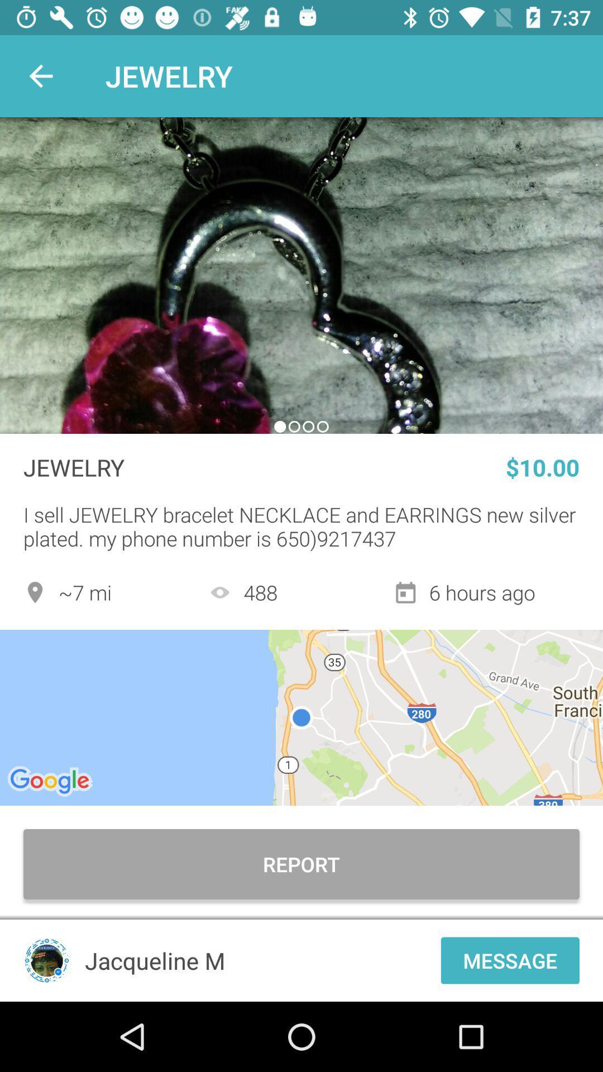  What do you see at coordinates (510, 960) in the screenshot?
I see `the icon next to the jacqueline m` at bounding box center [510, 960].